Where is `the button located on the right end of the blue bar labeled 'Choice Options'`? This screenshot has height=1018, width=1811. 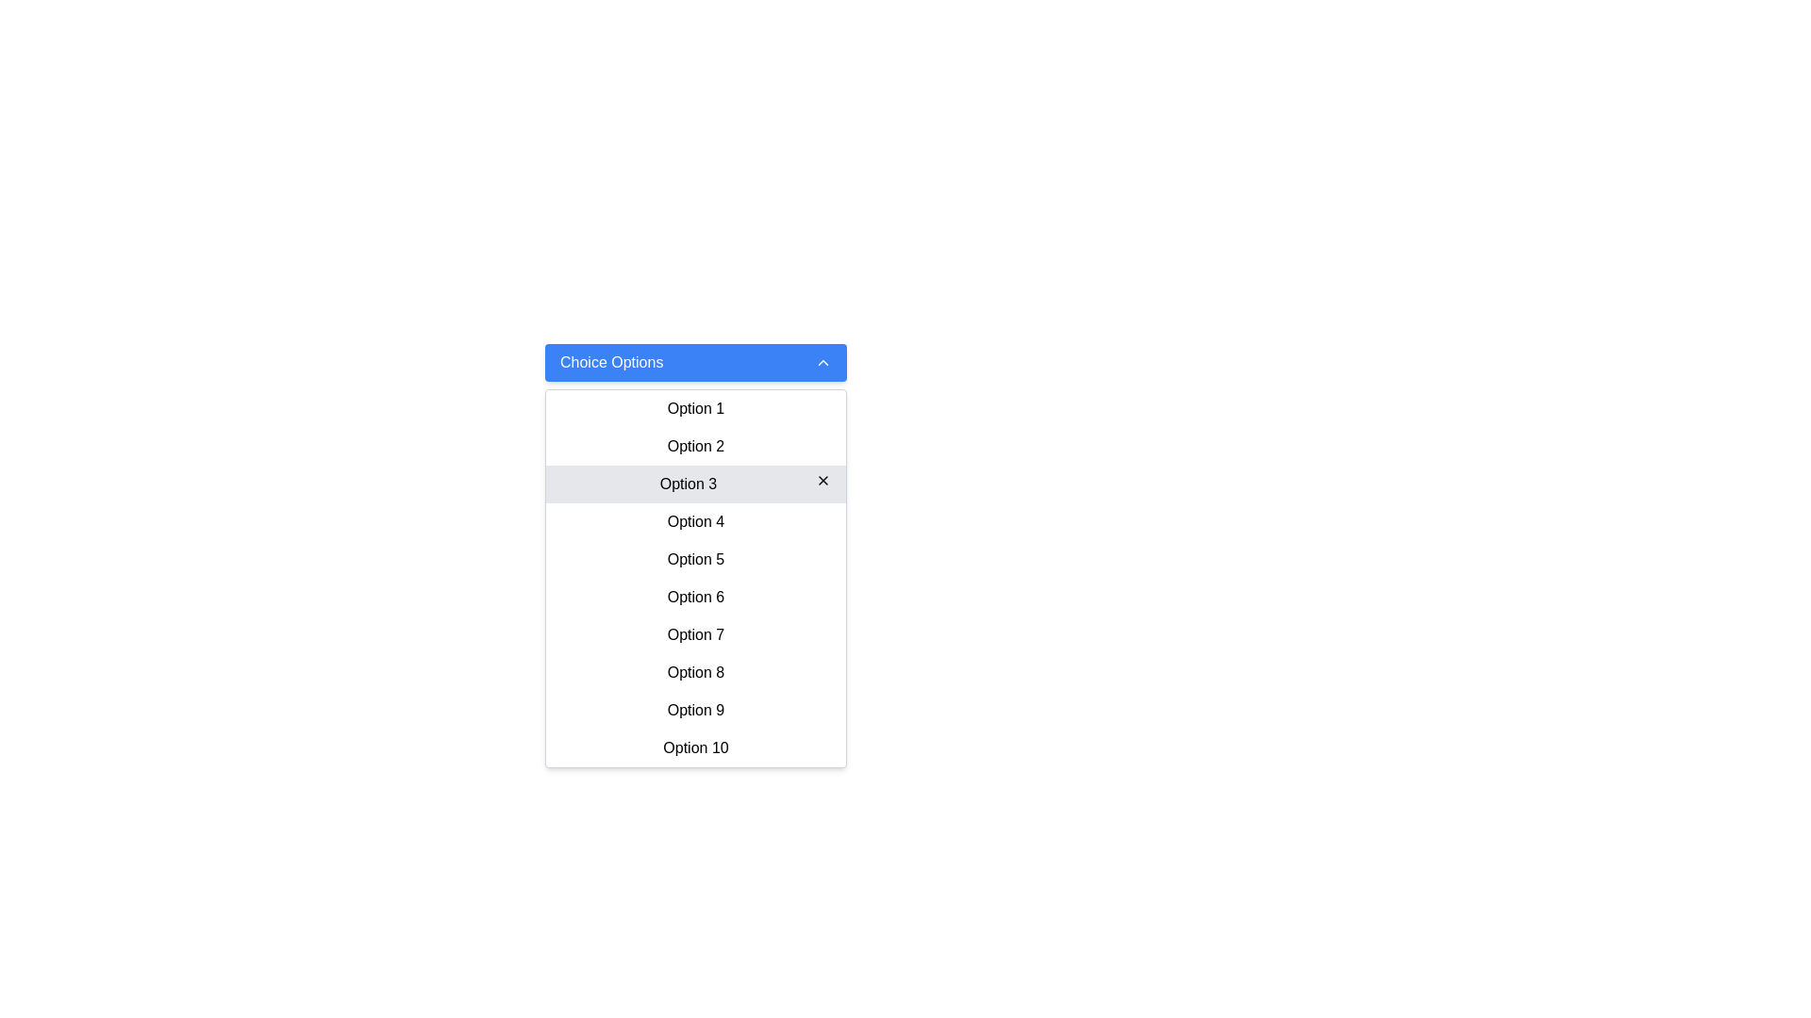 the button located on the right end of the blue bar labeled 'Choice Options' is located at coordinates (823, 363).